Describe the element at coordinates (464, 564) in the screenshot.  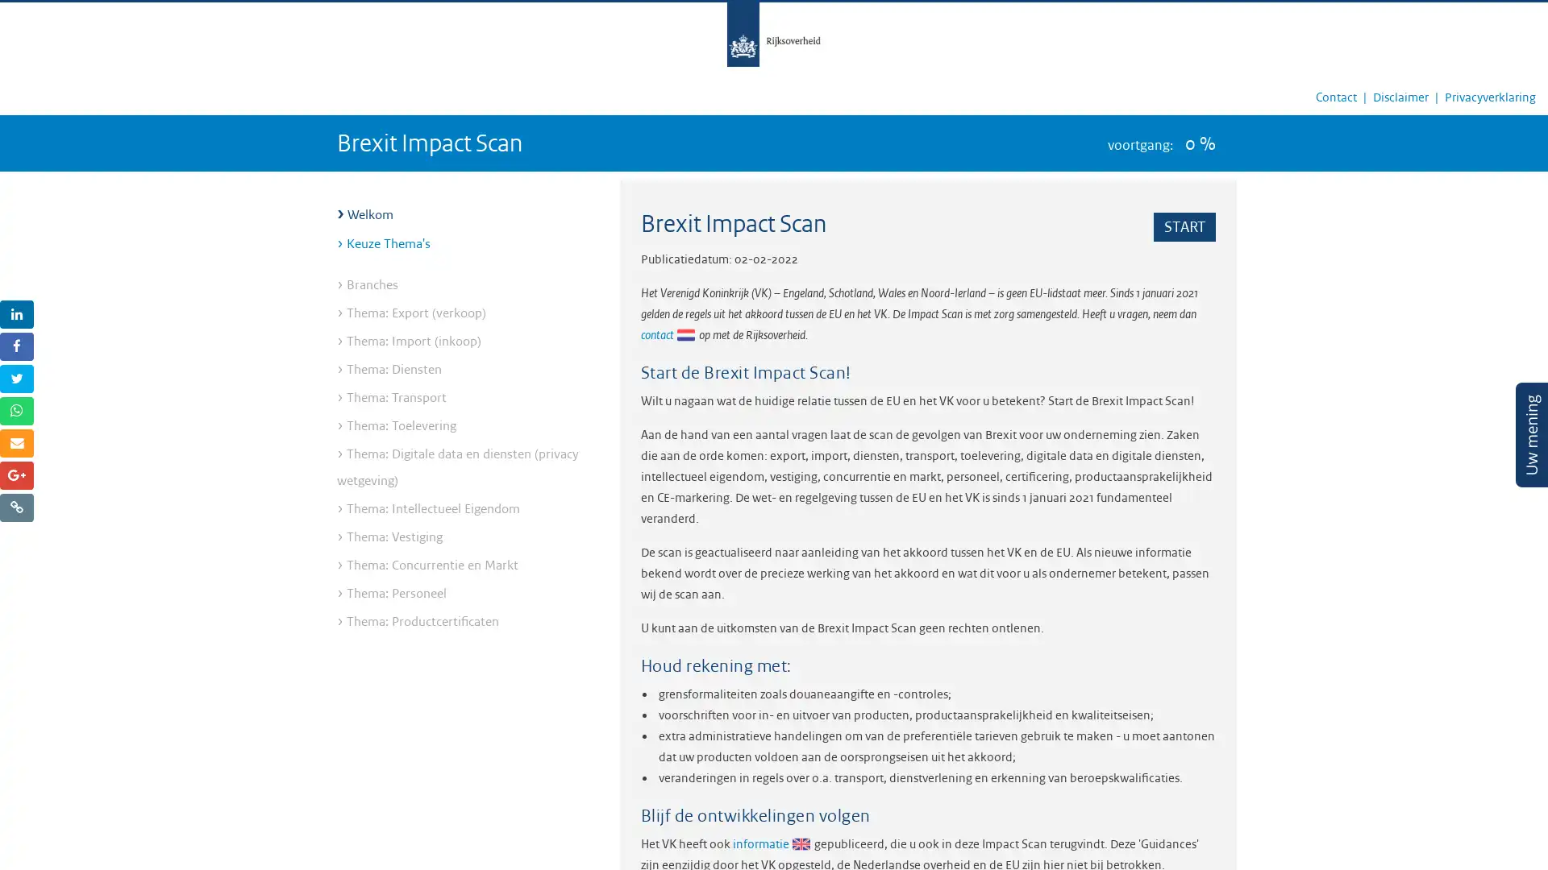
I see `Thema: Concurrentie en Markt` at that location.